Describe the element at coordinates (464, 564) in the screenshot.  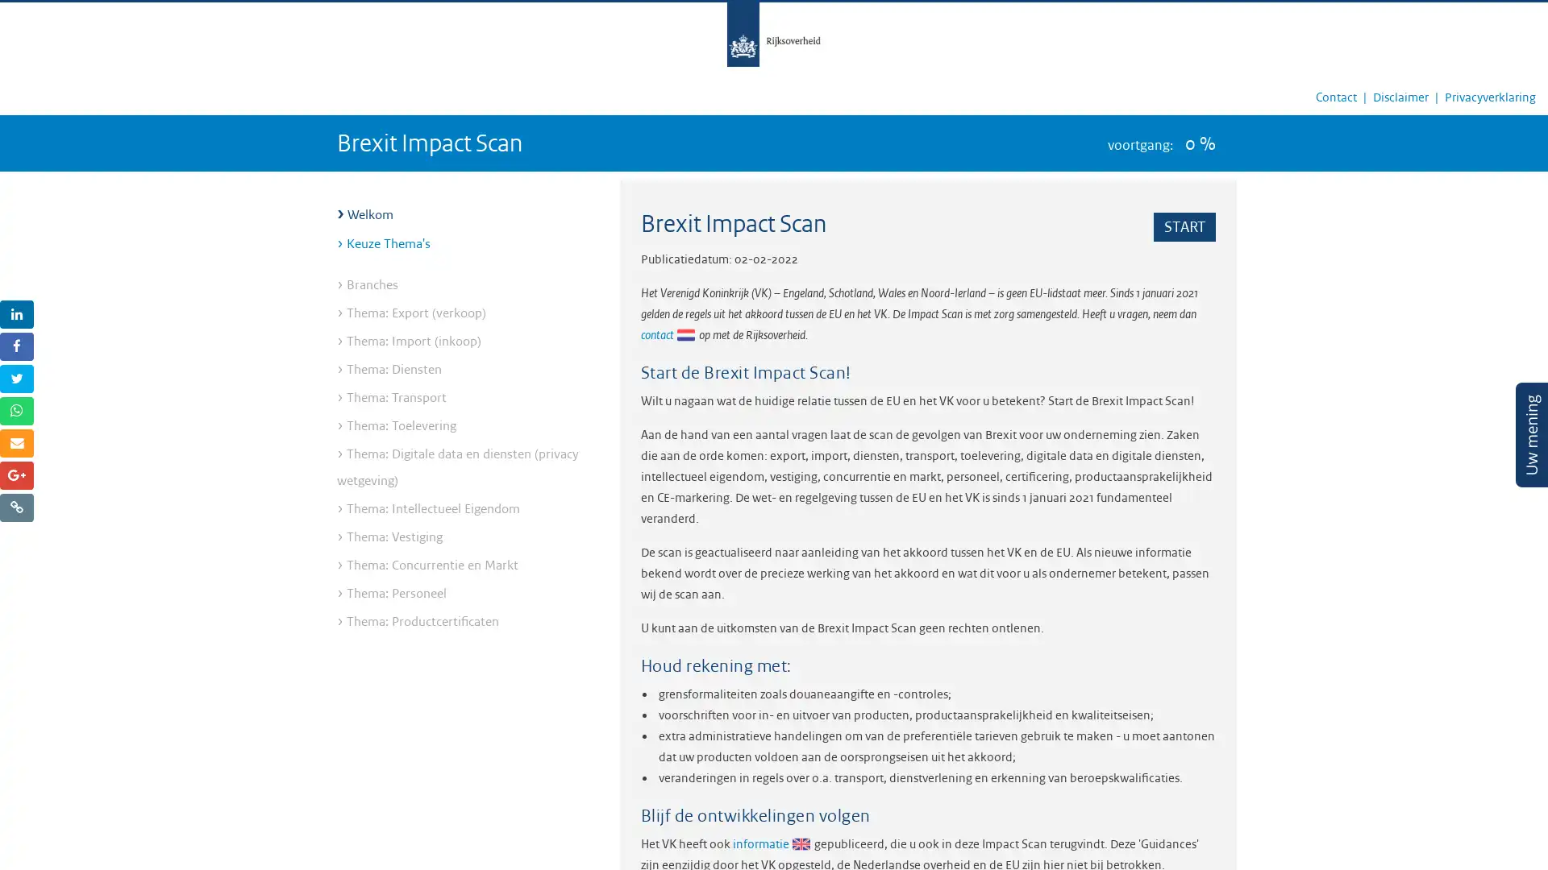
I see `Thema: Concurrentie en Markt` at that location.